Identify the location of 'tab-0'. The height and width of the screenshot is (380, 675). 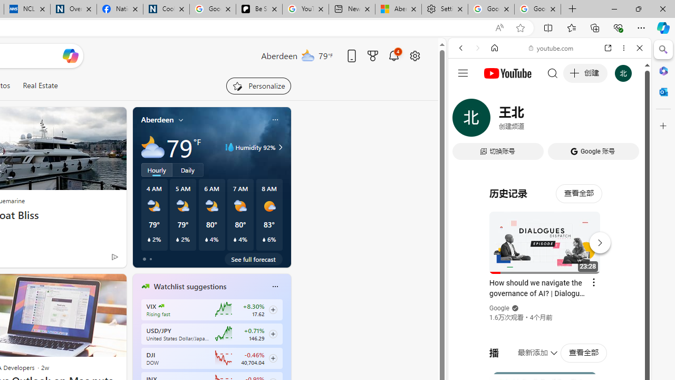
(143, 259).